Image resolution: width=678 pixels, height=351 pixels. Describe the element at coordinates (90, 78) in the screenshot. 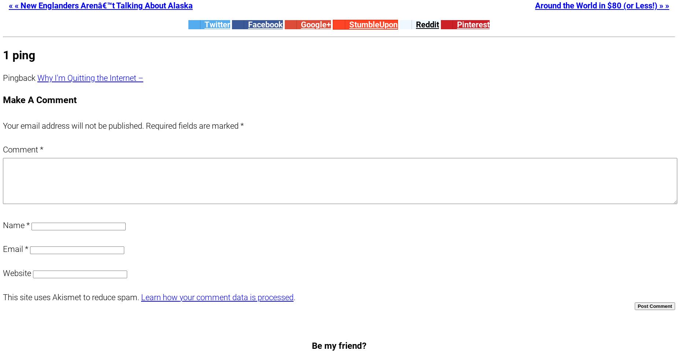

I see `'Why I'm Quitting the Internet –'` at that location.